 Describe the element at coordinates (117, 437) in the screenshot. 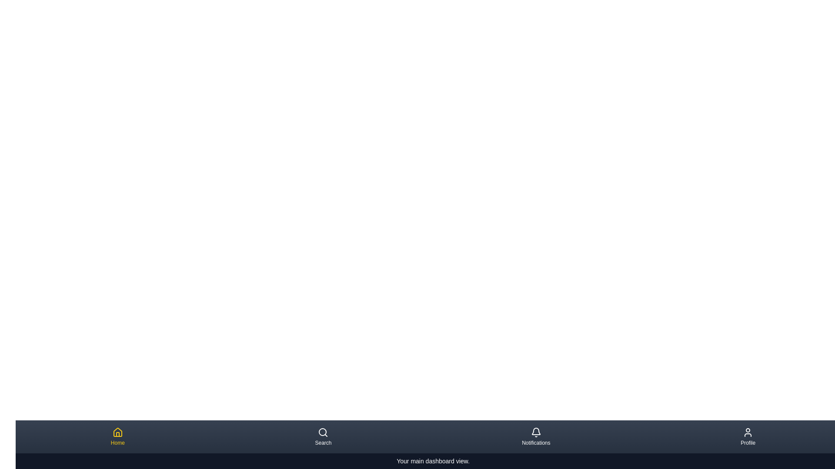

I see `the navigation item corresponding to Home to preview its description` at that location.